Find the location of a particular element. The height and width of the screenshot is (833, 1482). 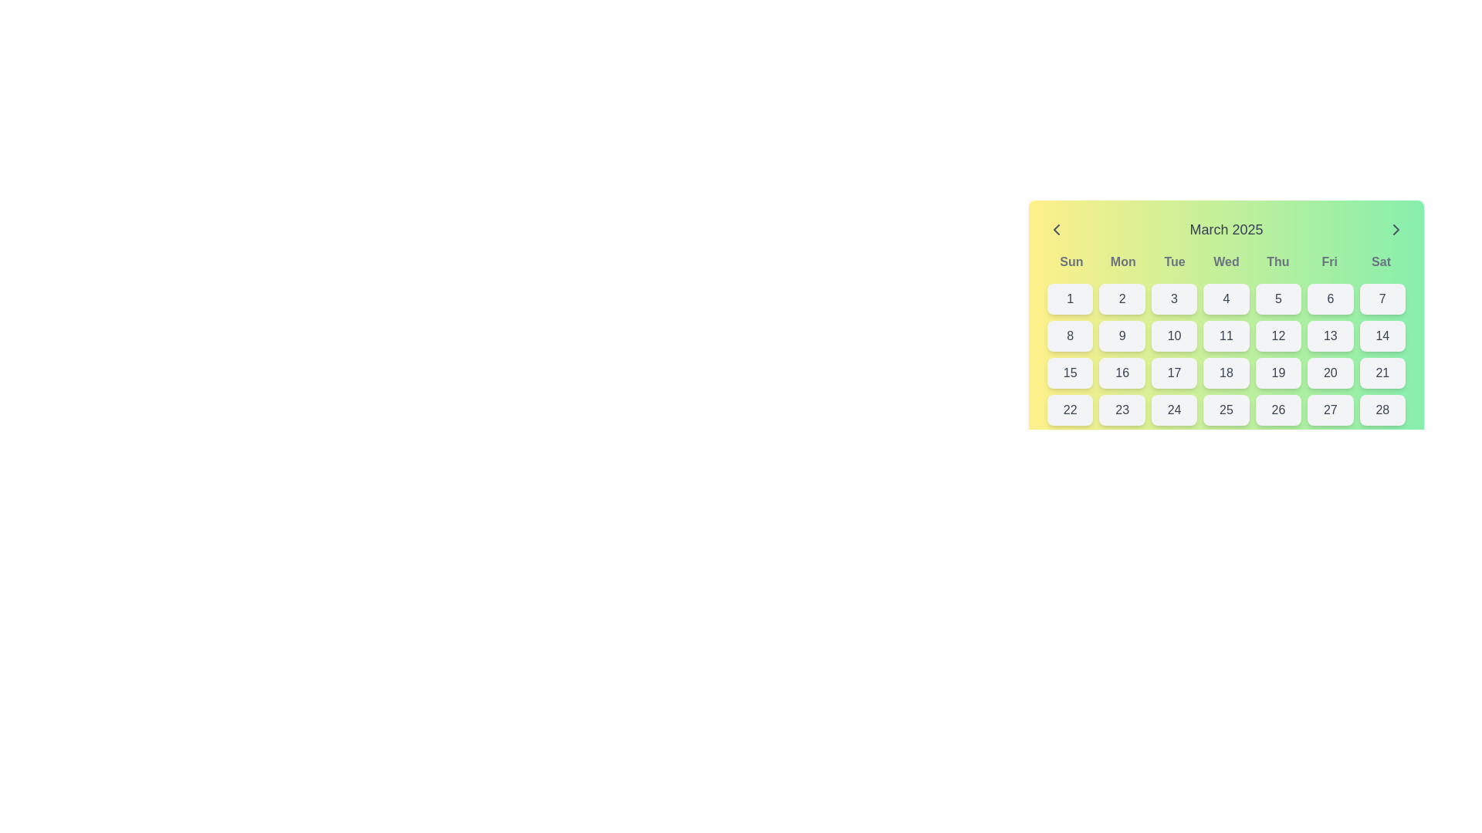

the button displaying '23' in the calendar grid layout to trigger hover effects is located at coordinates (1122, 410).